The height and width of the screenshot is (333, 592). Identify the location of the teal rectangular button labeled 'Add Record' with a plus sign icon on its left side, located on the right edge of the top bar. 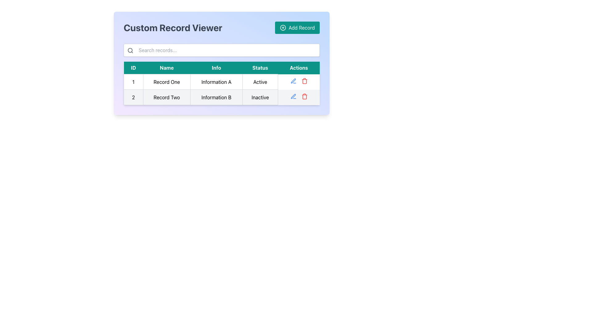
(297, 27).